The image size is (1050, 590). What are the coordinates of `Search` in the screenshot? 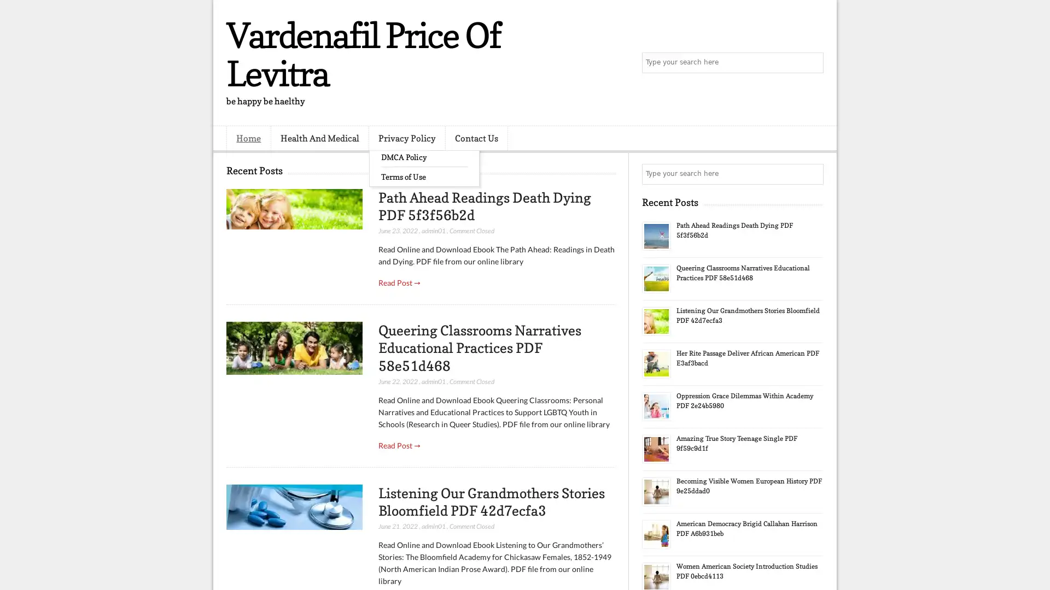 It's located at (812, 174).